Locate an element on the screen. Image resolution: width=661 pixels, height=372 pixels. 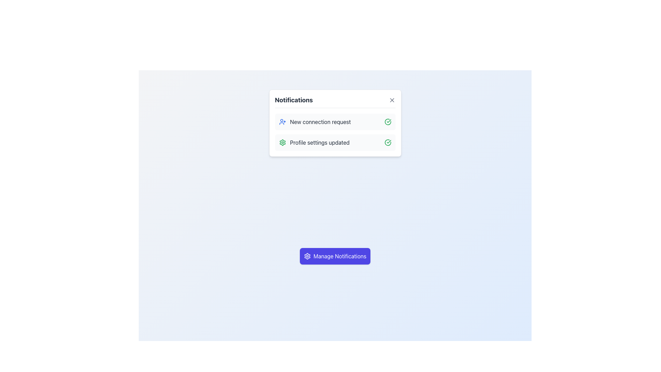
the Notification Card that displays 'Profile settings updated', which includes a settings gear icon on the left and a green checkmark icon on the right, located beneath the 'New connection request' in the Notifications section is located at coordinates (335, 142).